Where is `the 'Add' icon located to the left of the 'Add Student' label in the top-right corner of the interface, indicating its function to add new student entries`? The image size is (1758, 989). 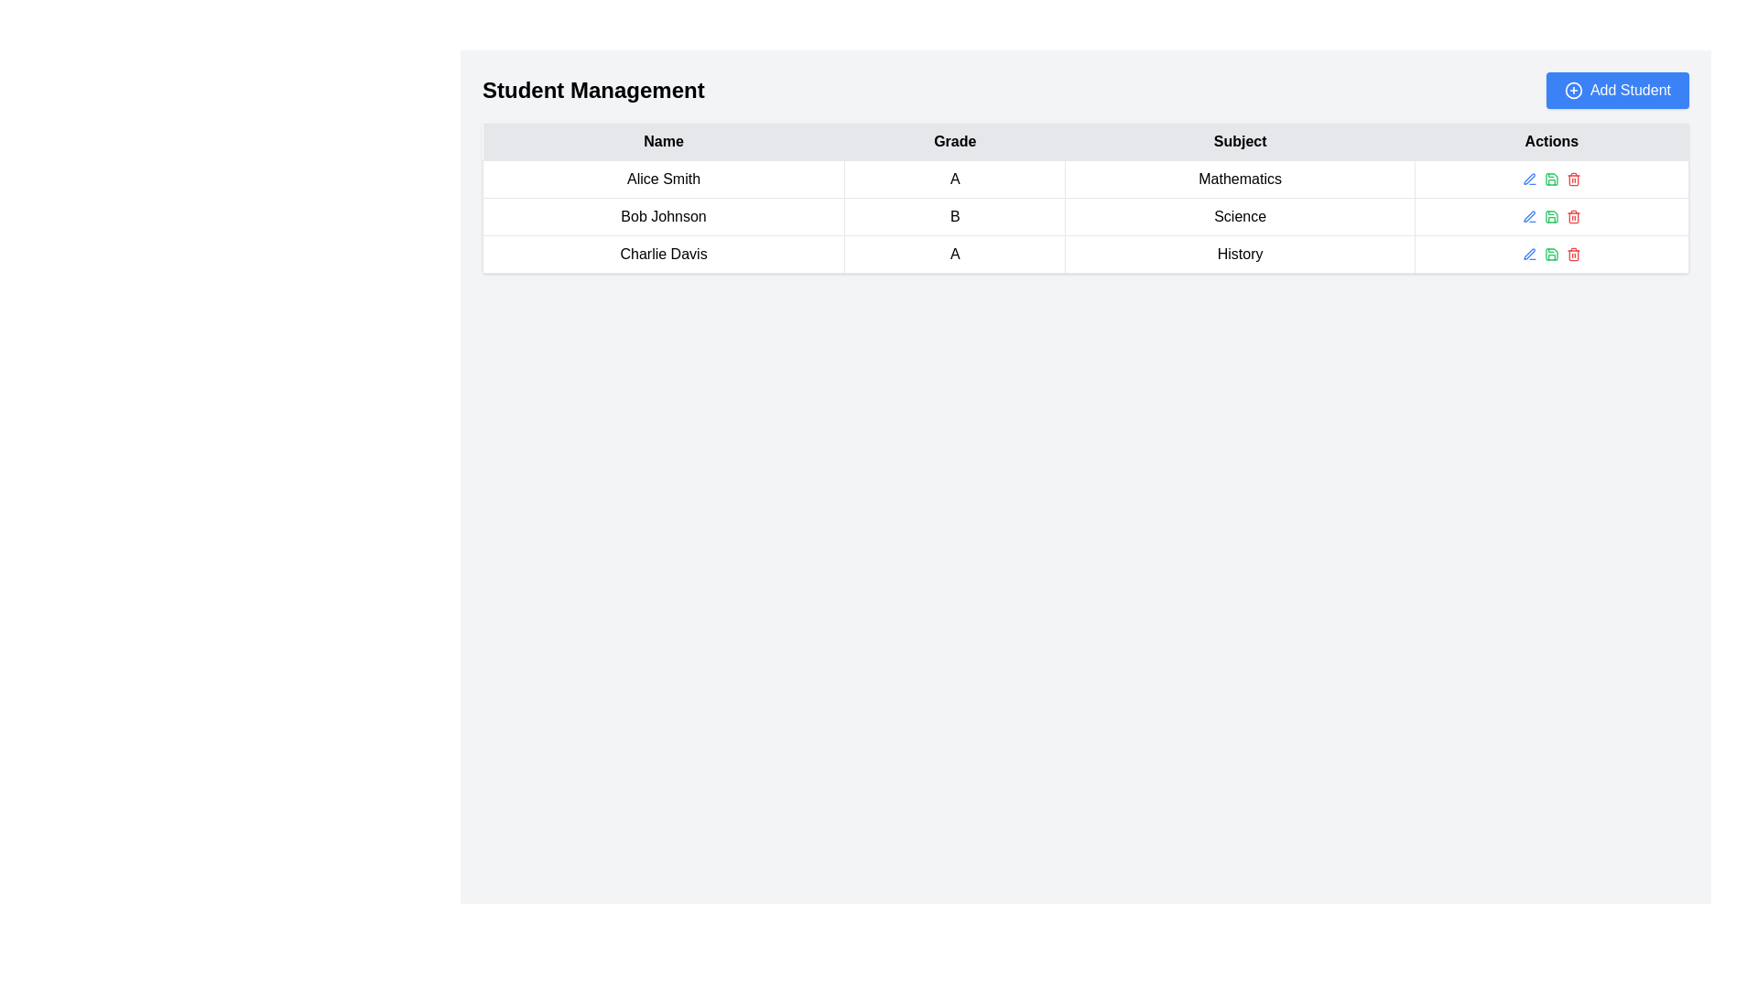
the 'Add' icon located to the left of the 'Add Student' label in the top-right corner of the interface, indicating its function to add new student entries is located at coordinates (1572, 91).